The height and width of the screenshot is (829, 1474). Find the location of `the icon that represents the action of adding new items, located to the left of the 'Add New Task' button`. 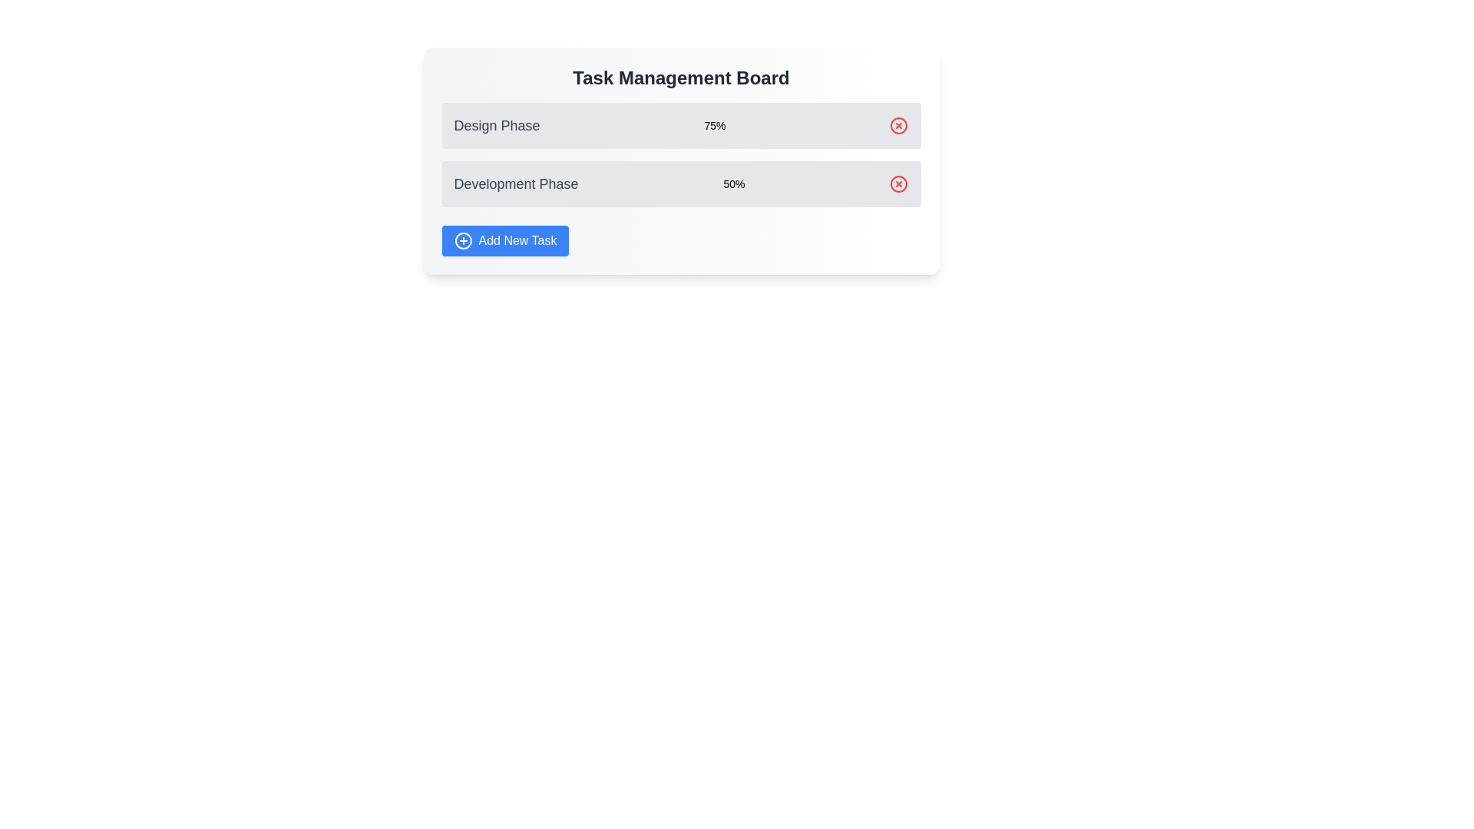

the icon that represents the action of adding new items, located to the left of the 'Add New Task' button is located at coordinates (462, 240).